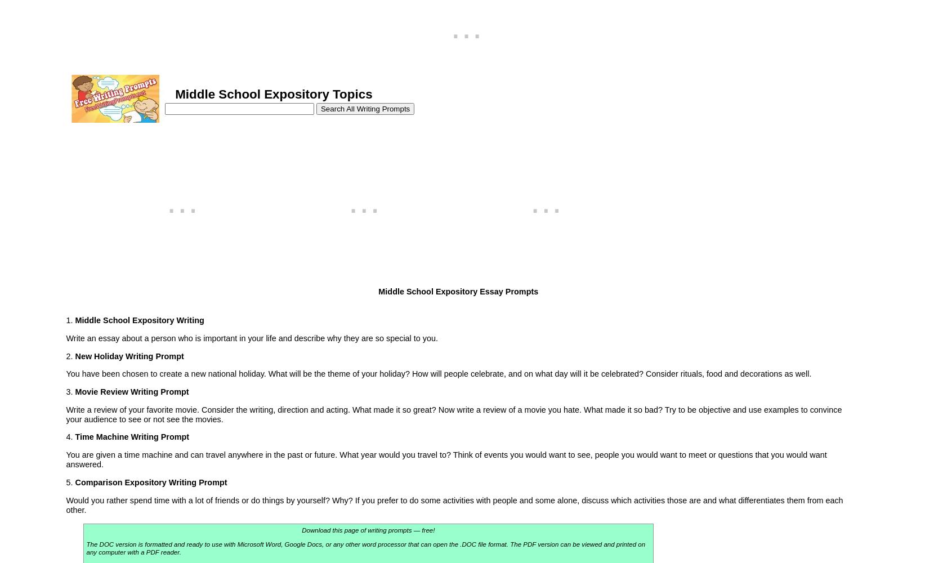 This screenshot has height=563, width=934. I want to click on 'Would you rather spend time with a lot of friends or do things by yourself? Why? If you prefer to do some activities with people and some alone, discuss which activities those are and what differentiates them from each other.', so click(65, 504).